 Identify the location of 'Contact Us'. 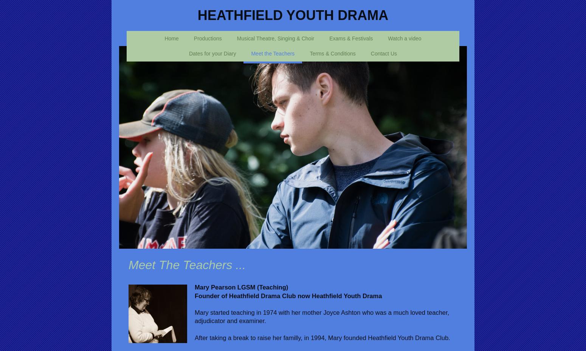
(383, 54).